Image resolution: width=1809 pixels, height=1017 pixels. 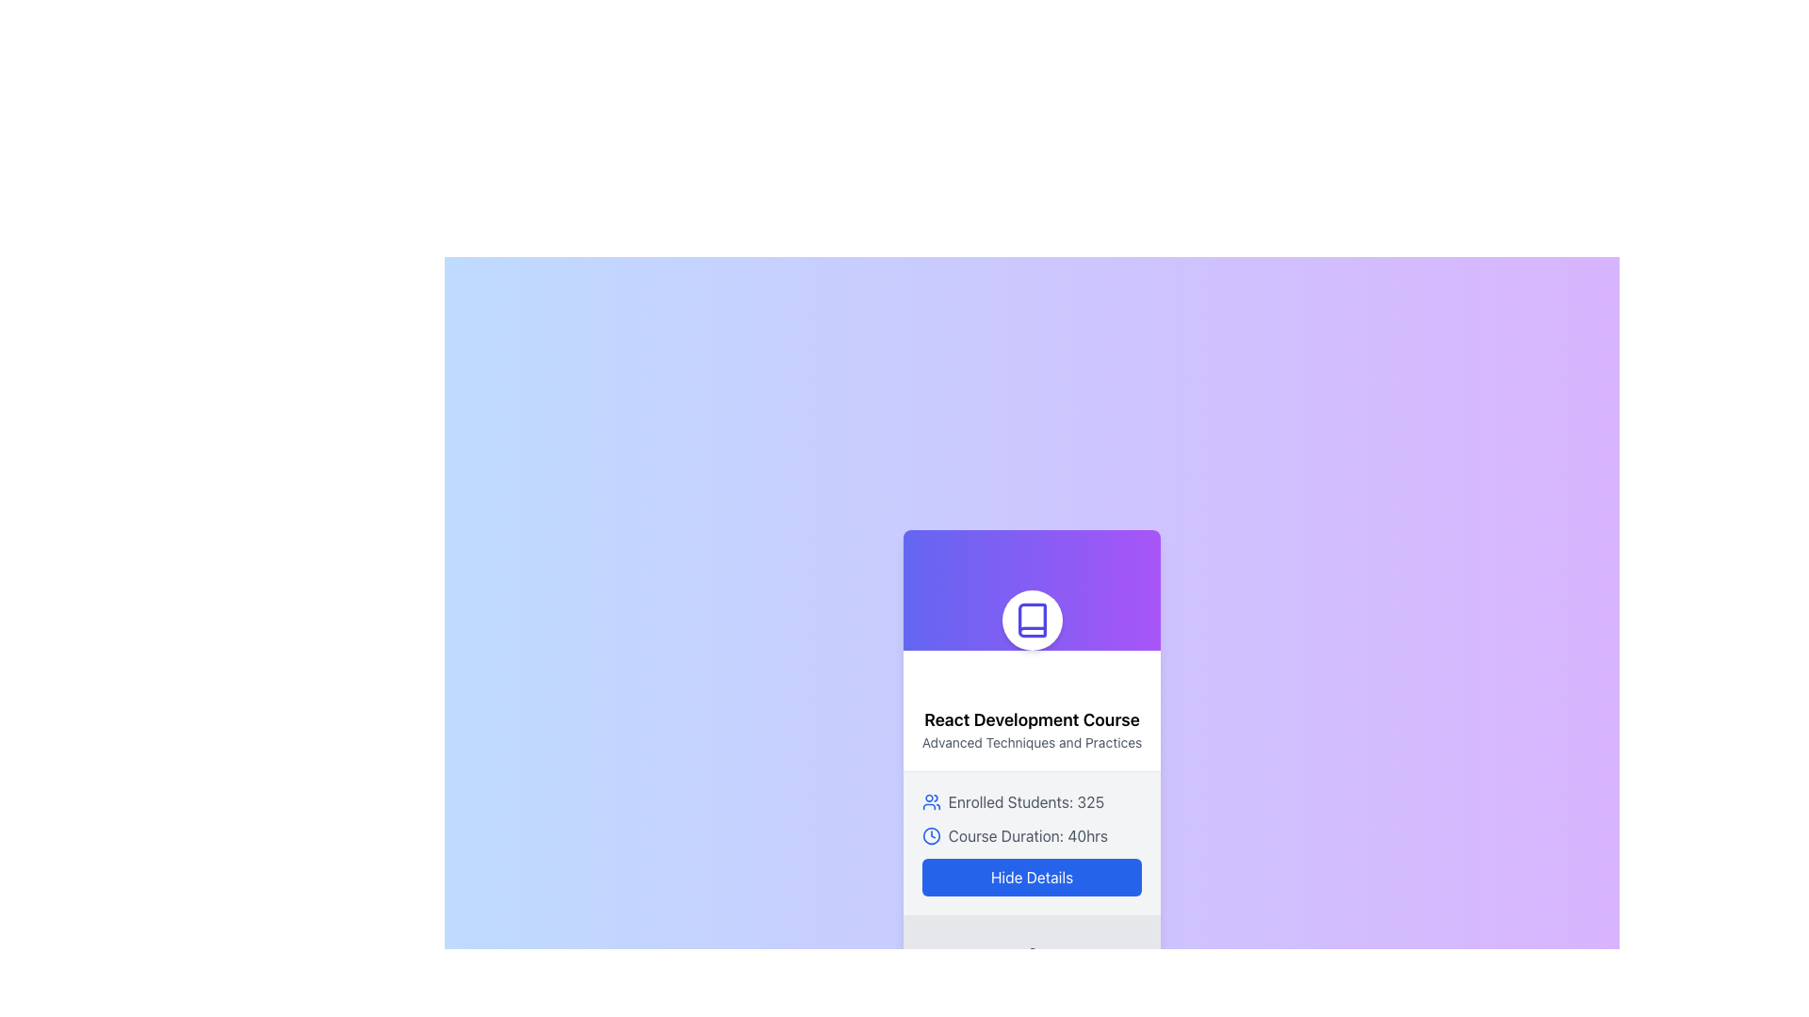 I want to click on the informational text component about the course 'React Development Course', so click(x=1031, y=842).